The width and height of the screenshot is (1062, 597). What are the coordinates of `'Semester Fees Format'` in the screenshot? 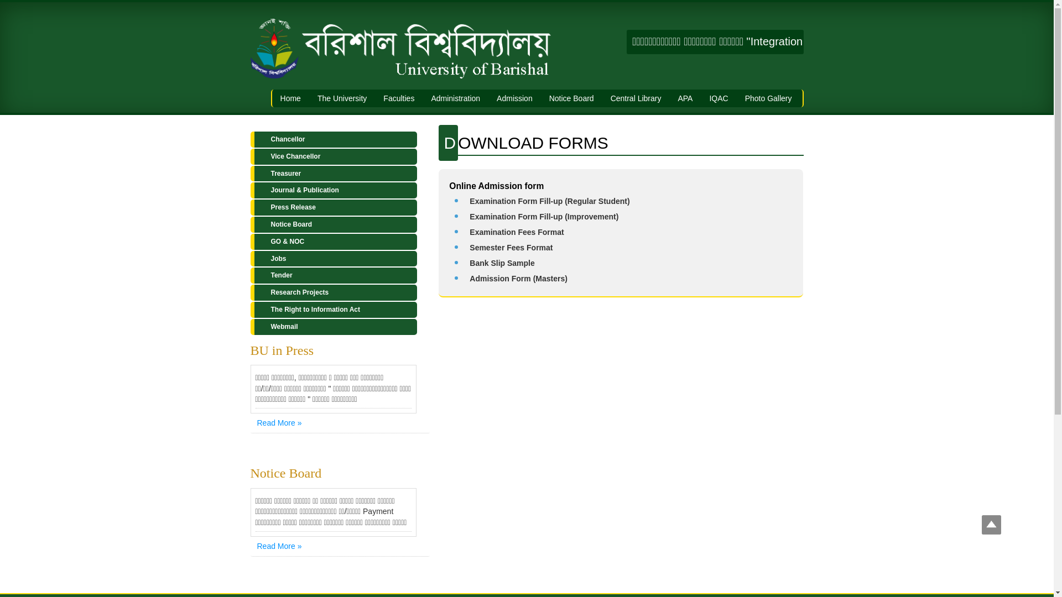 It's located at (510, 247).